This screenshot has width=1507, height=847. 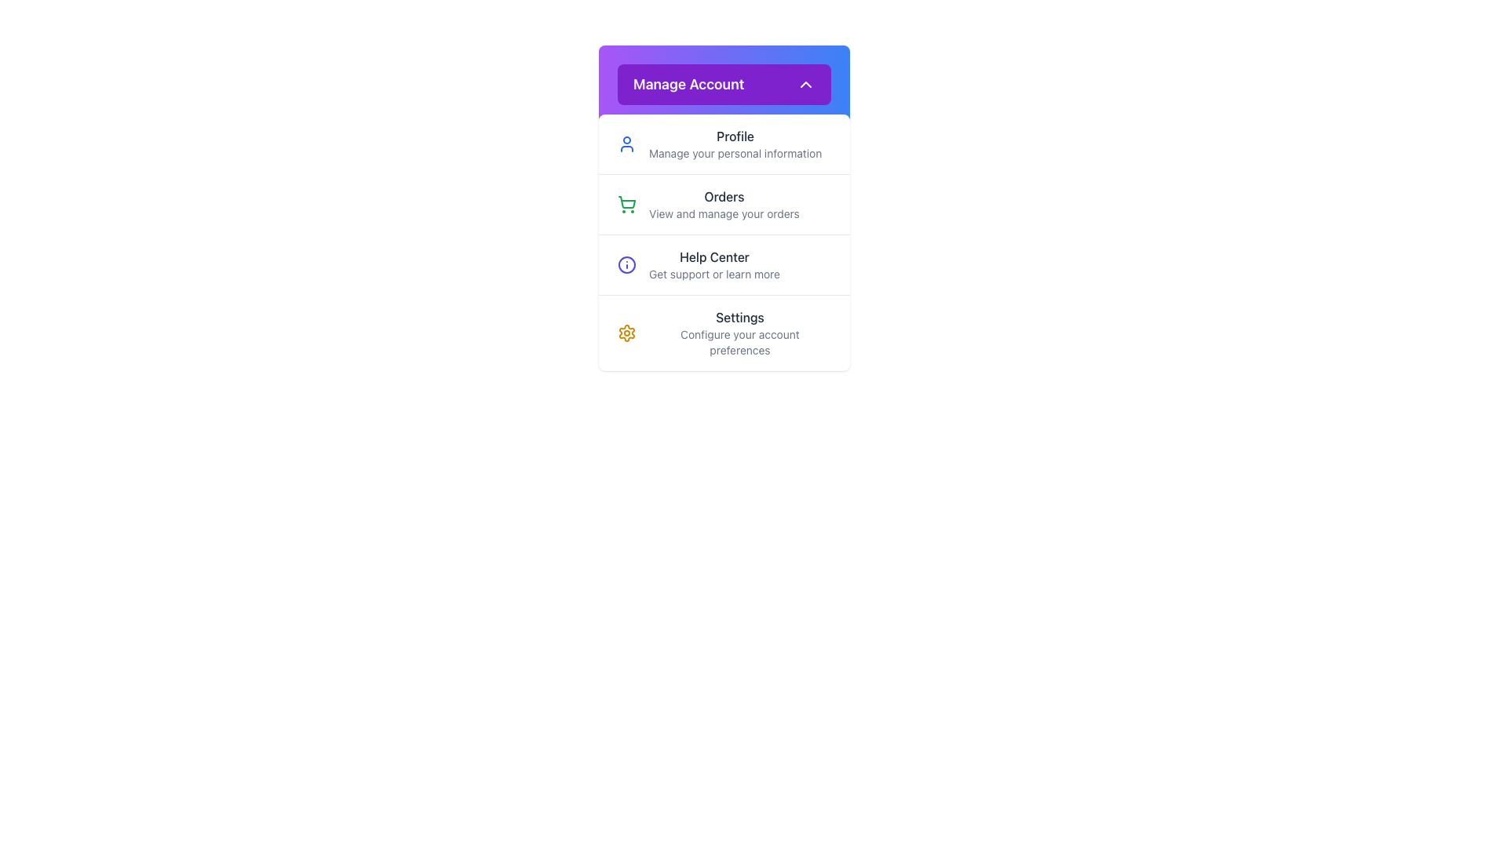 What do you see at coordinates (713, 264) in the screenshot?
I see `the Text block under 'Manage Account' that provides access to the help center page or support resources` at bounding box center [713, 264].